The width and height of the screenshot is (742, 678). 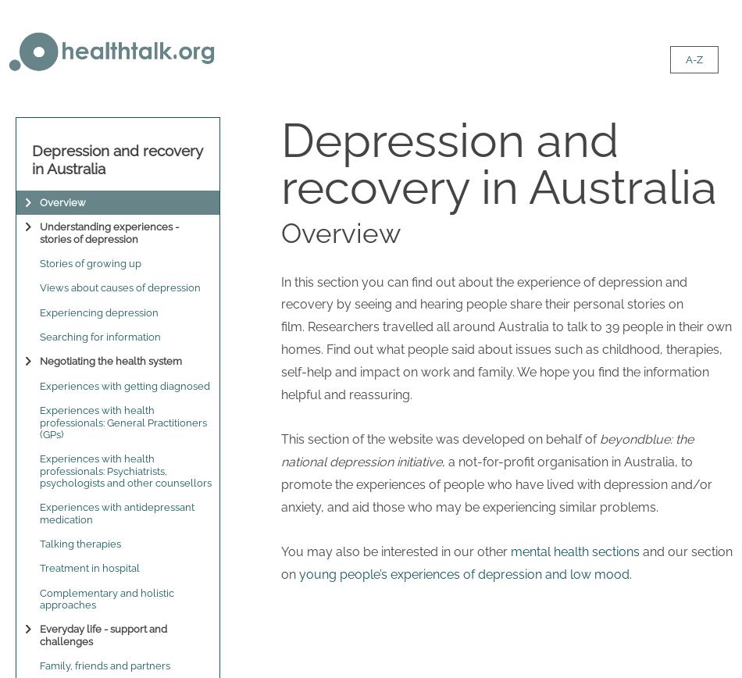 I want to click on 'young people’s experiences of depression and low mood', so click(x=298, y=573).